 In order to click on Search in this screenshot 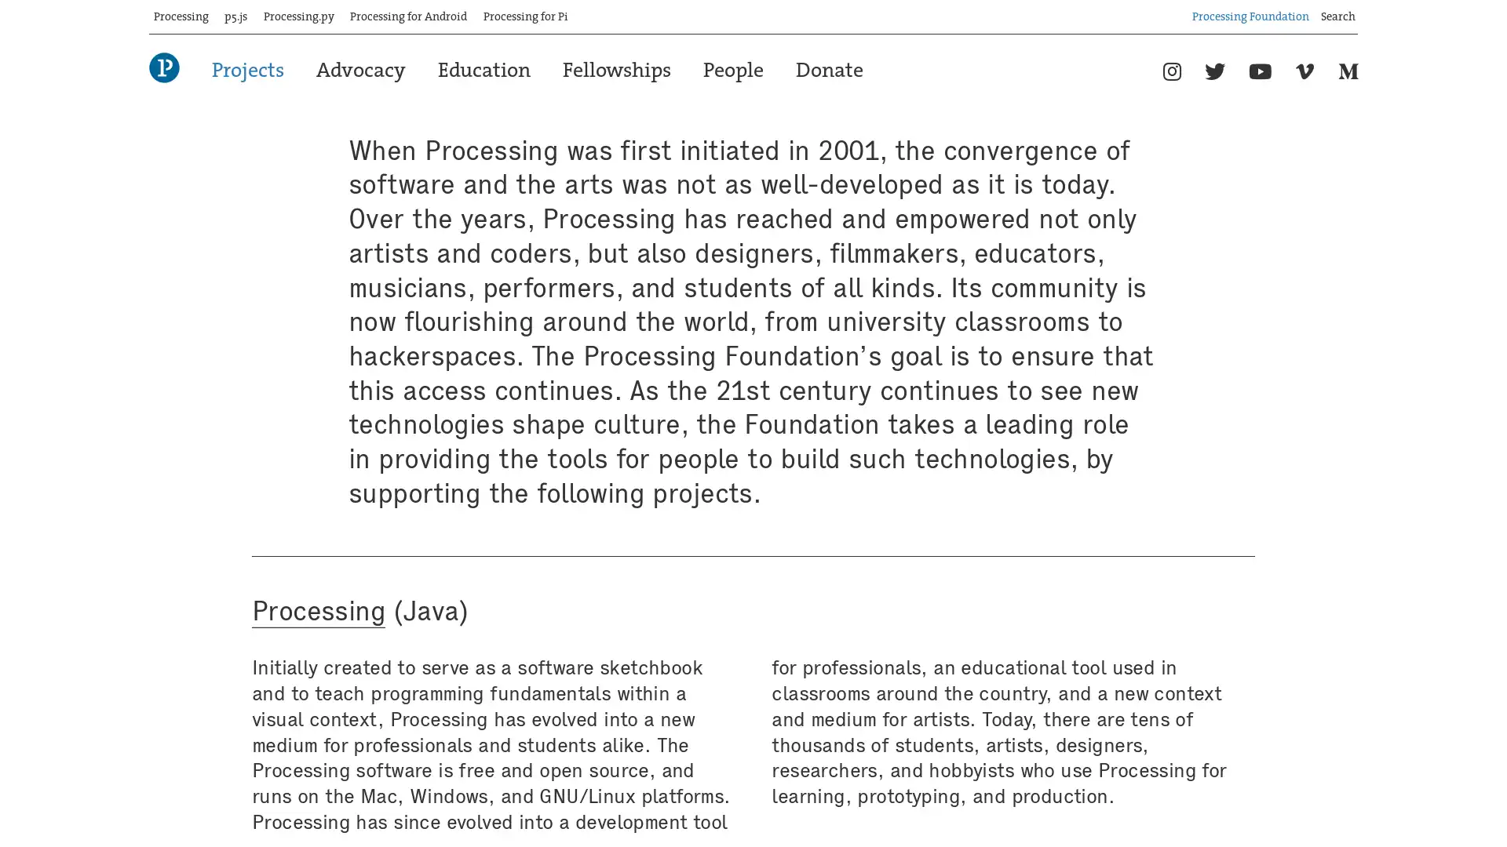, I will do `click(1357, 10)`.